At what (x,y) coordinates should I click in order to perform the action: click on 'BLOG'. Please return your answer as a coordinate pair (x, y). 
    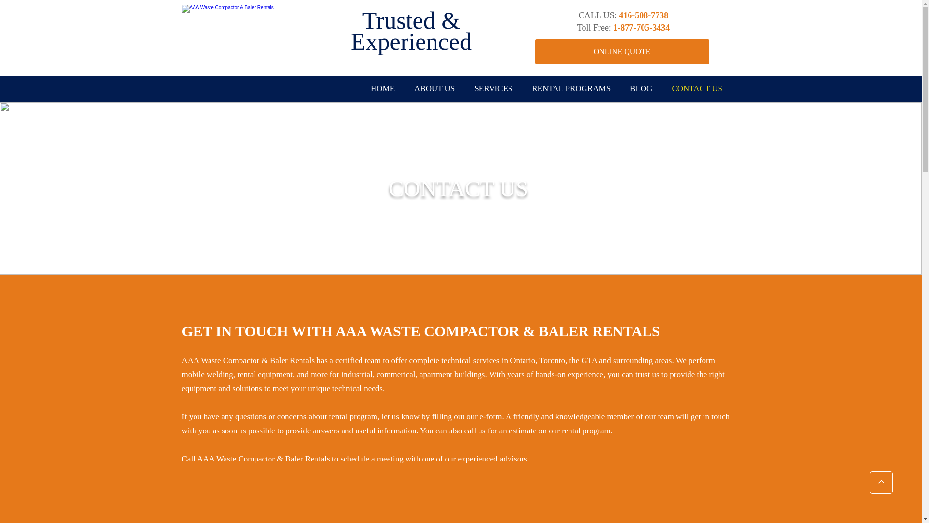
    Looking at the image, I should click on (620, 89).